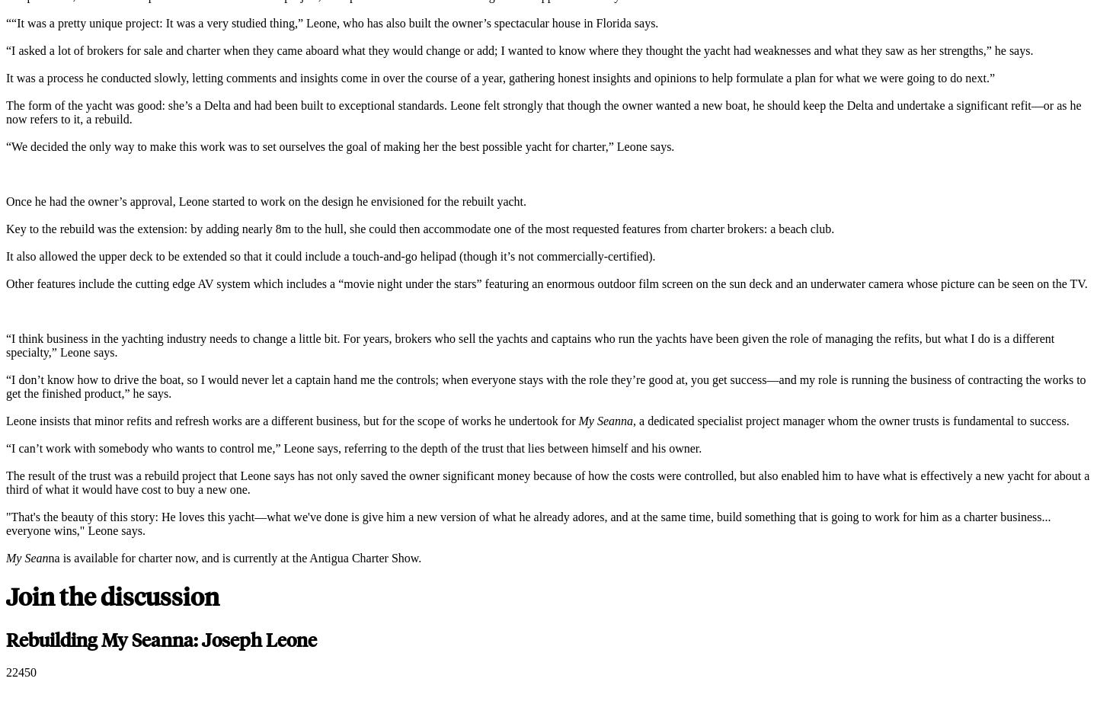 The width and height of the screenshot is (1097, 717). I want to click on '“We decided the only way to make this work was to set ourselves the goal of making her the best possible yacht for charter,” Leone says.', so click(340, 146).